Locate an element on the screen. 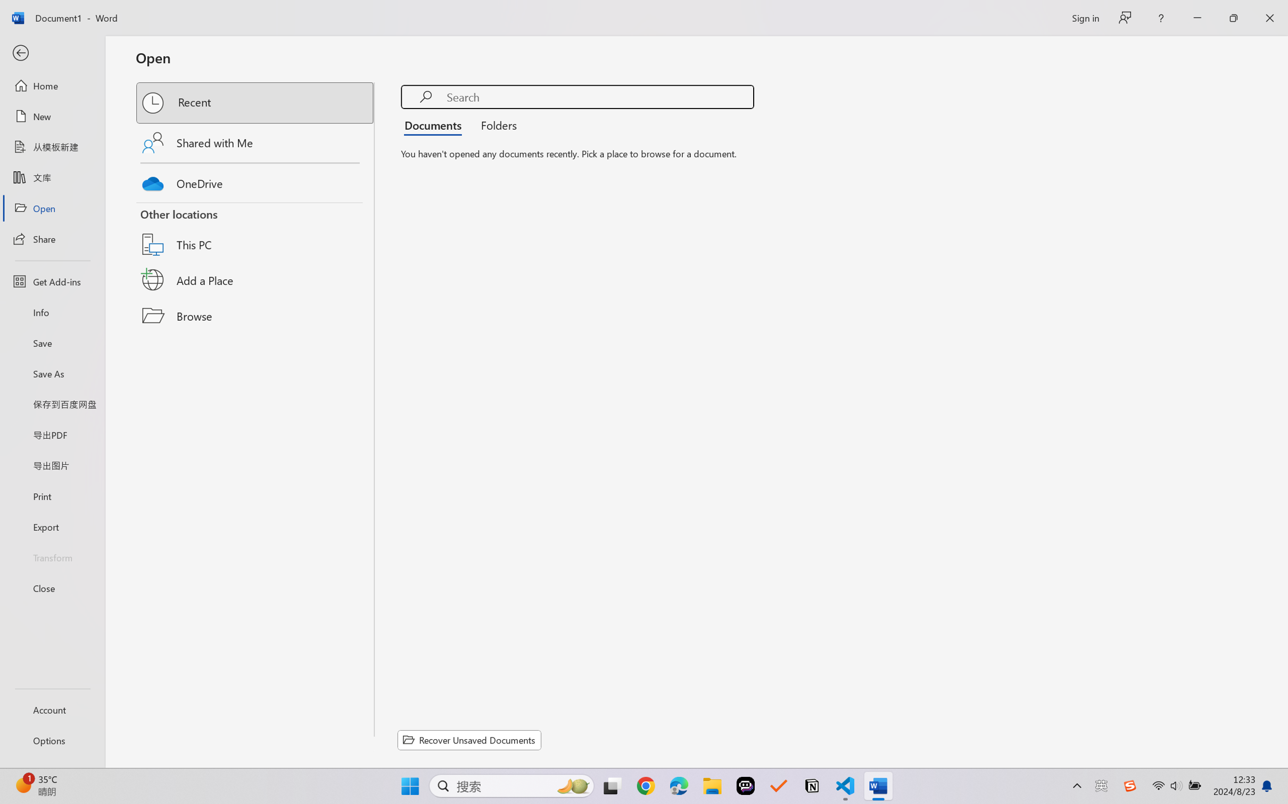 The height and width of the screenshot is (804, 1288). 'Transform' is located at coordinates (52, 556).